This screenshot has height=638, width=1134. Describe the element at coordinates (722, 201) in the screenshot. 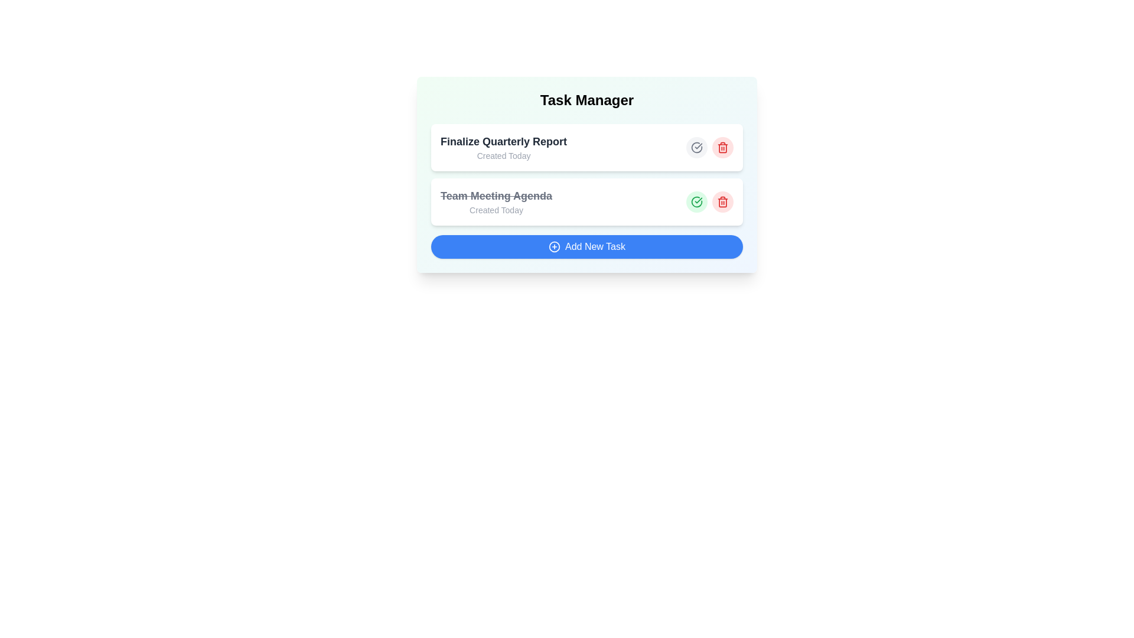

I see `delete button for the task titled 'Team Meeting Agenda'` at that location.